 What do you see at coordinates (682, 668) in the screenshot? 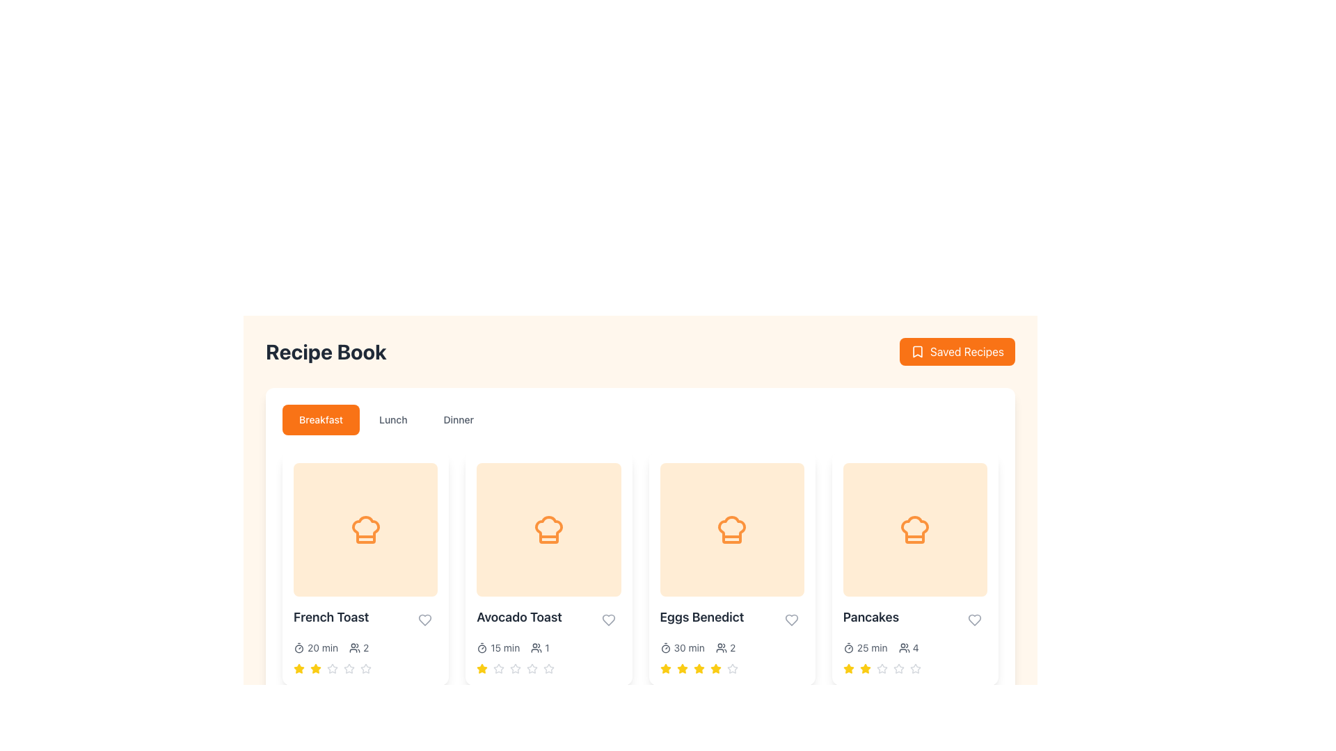
I see `the third star icon button that represents the rating level for 'Eggs Benedict' in the Recipe Book interface` at bounding box center [682, 668].